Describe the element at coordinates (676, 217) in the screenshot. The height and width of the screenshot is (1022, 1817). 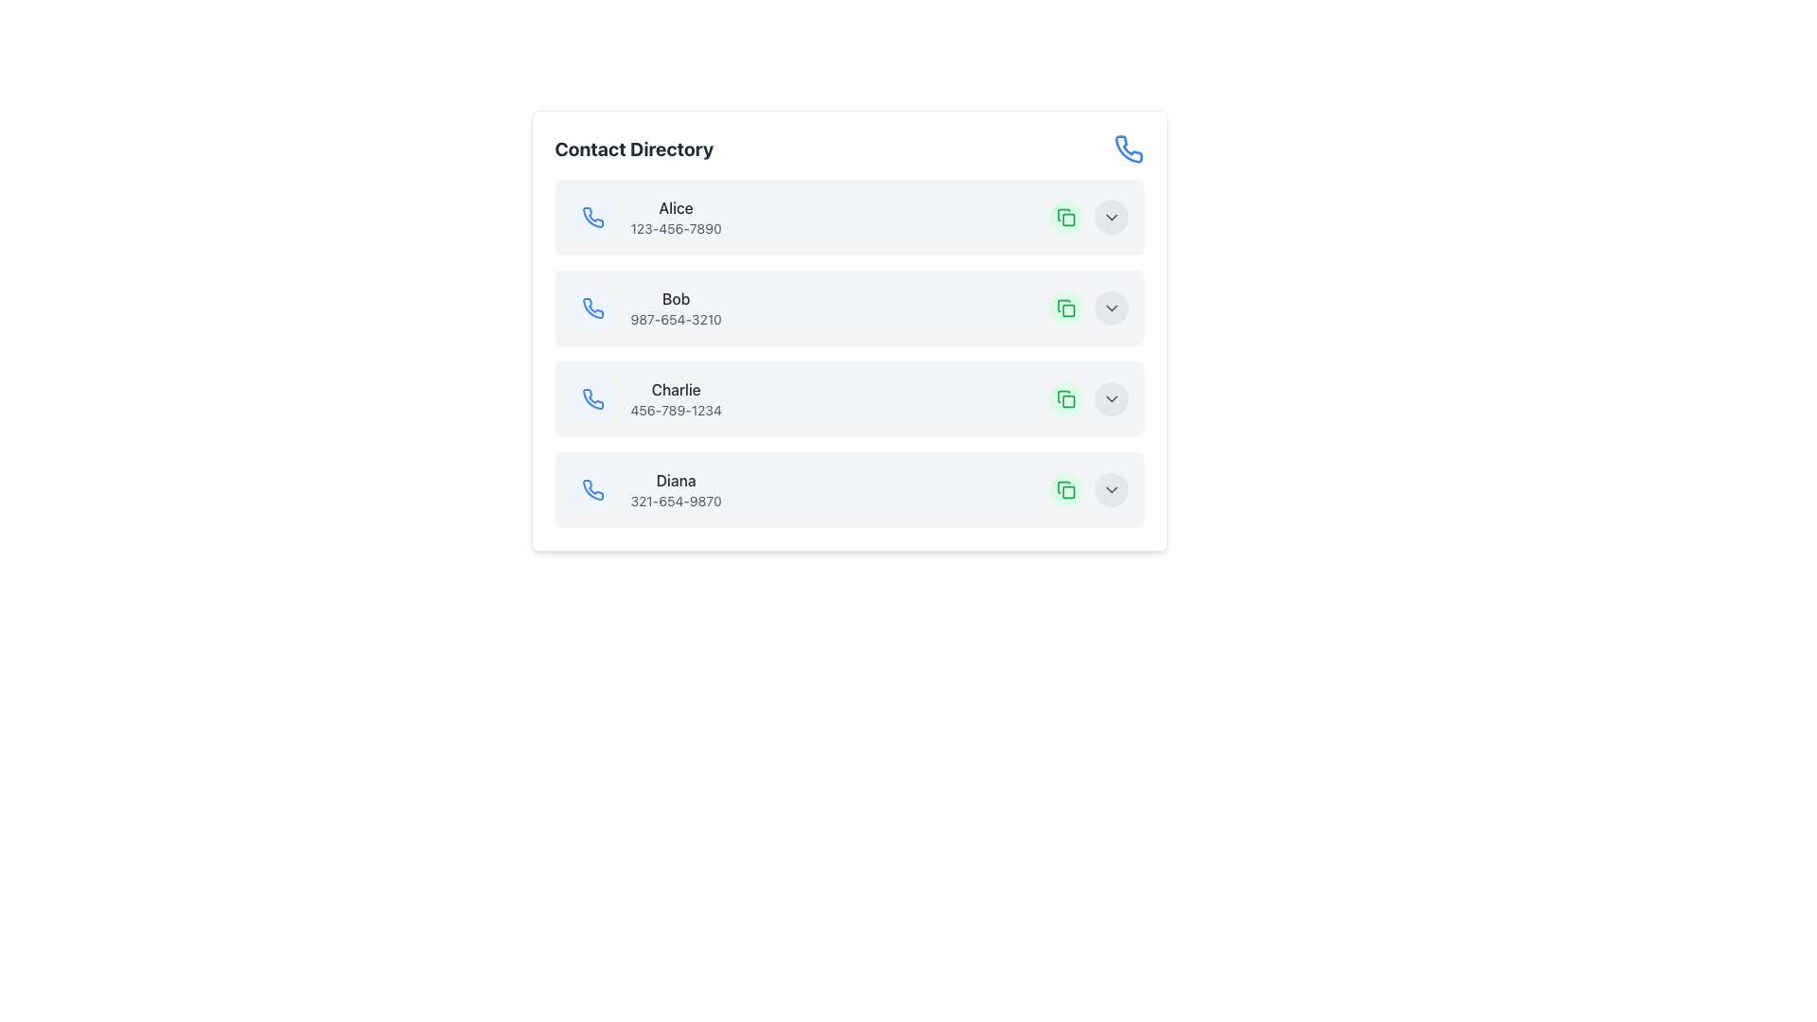
I see `the Text display element that shows the name 'Alice' and phone number '123-456-7890' in the contact list` at that location.